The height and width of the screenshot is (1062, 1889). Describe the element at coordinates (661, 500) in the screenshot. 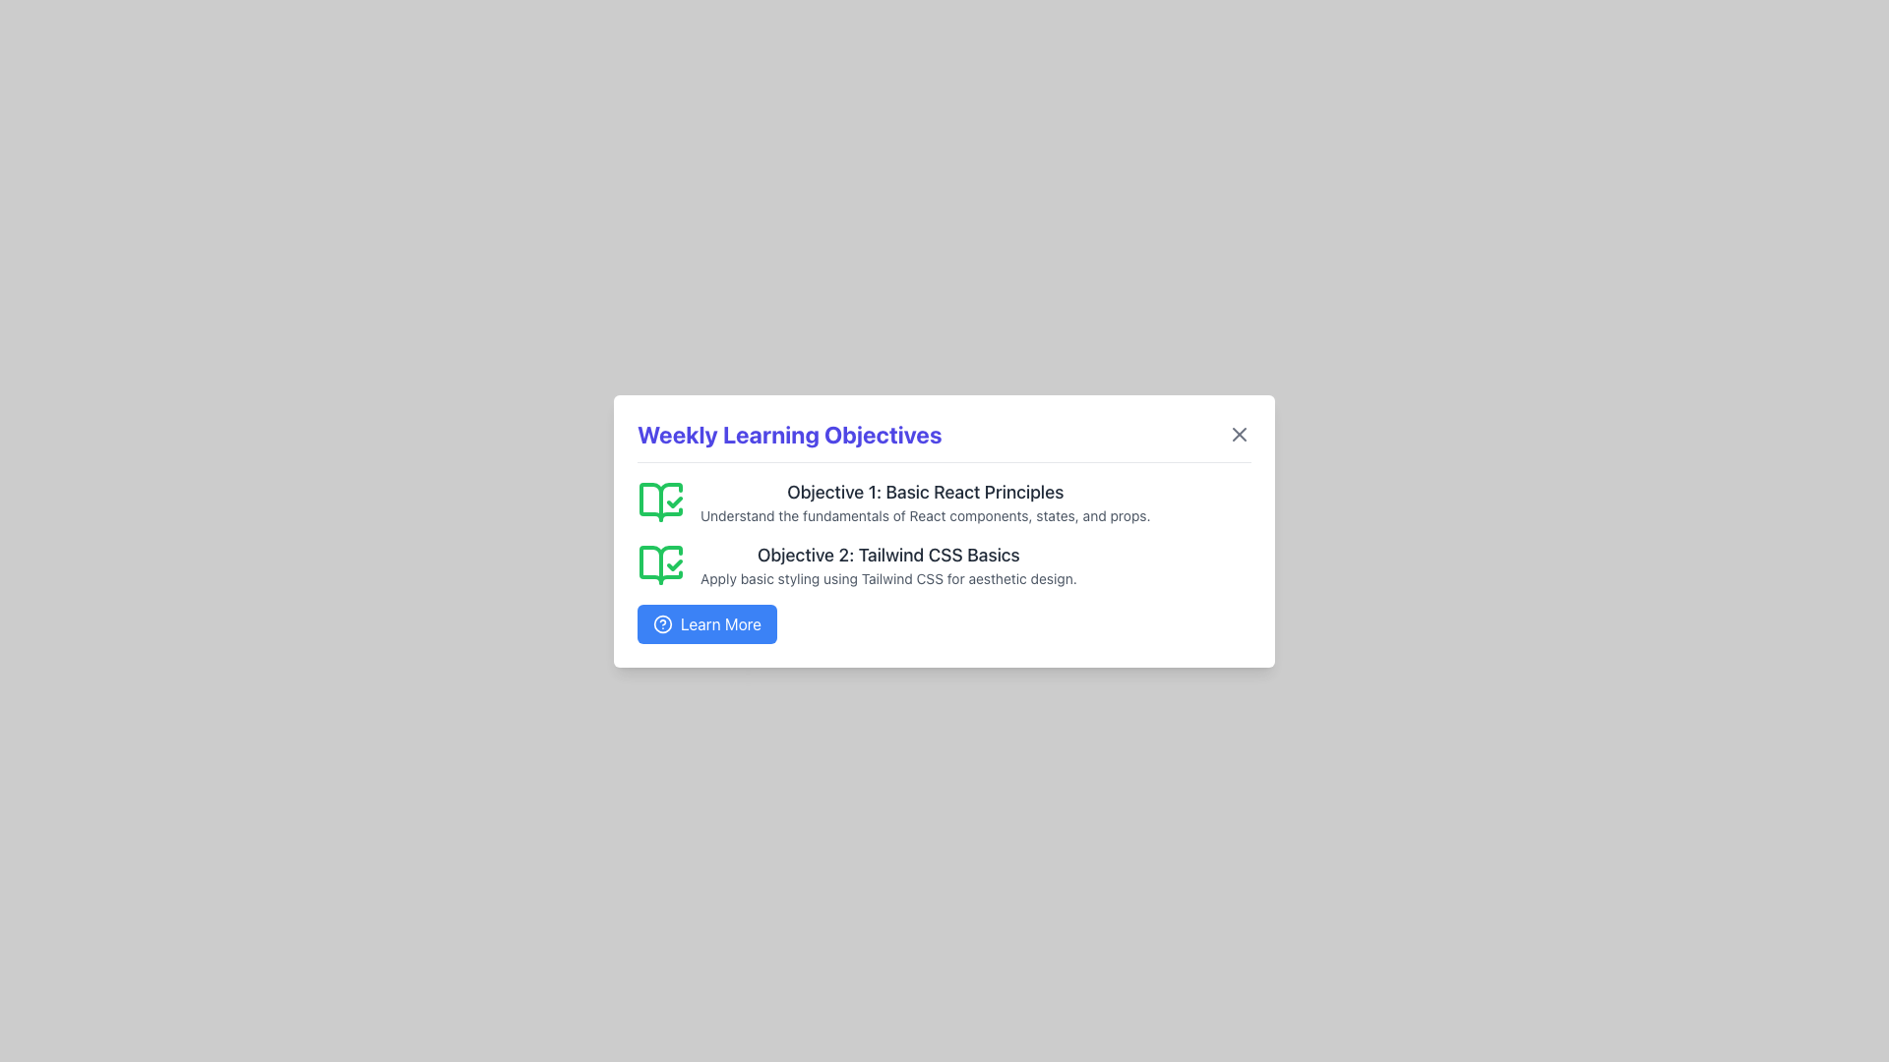

I see `the green open book icon with a checkmark, which is positioned to the left of the text 'Objective 1: Basic React Principles' in a card-like interface` at that location.